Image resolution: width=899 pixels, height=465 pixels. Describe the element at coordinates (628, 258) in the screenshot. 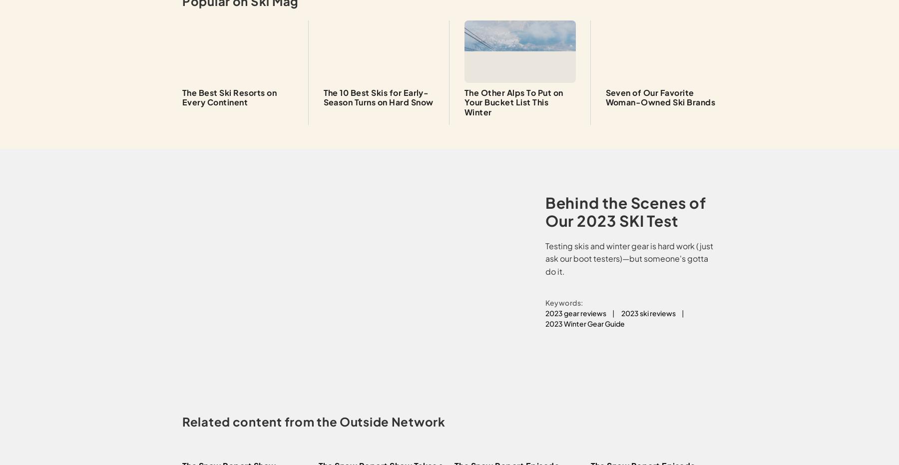

I see `'Testing skis and winter gear is hard work (just ask our boot testers)—but someone's gotta do it.'` at that location.